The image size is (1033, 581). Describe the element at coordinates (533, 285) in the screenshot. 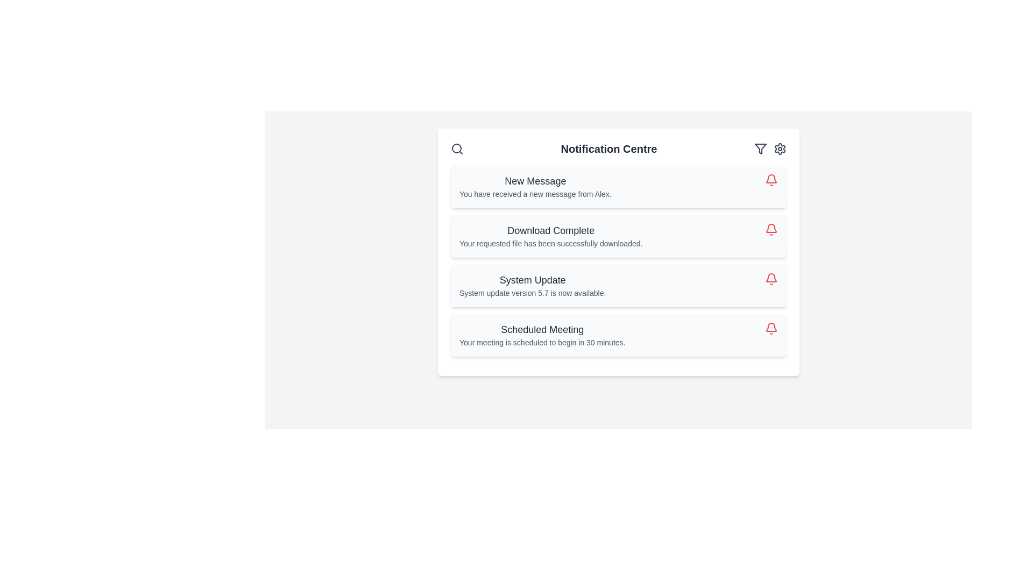

I see `the informational text display indicating the availability of a new system update version (5.7) located in the Notification Centre, between 'Download Complete' and 'Scheduled Meeting'` at that location.